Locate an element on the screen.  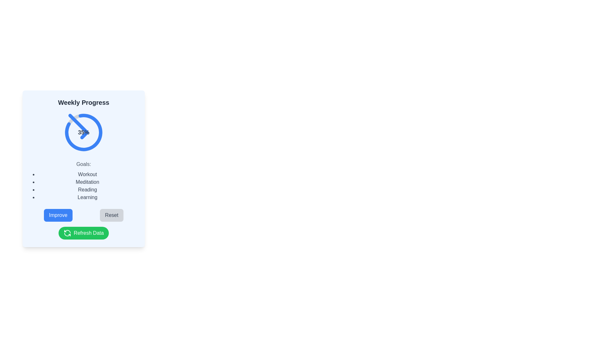
the 'Meditation' text label, which is the second item in the vertical list of goals under the 'Weekly Progress' header is located at coordinates (87, 182).